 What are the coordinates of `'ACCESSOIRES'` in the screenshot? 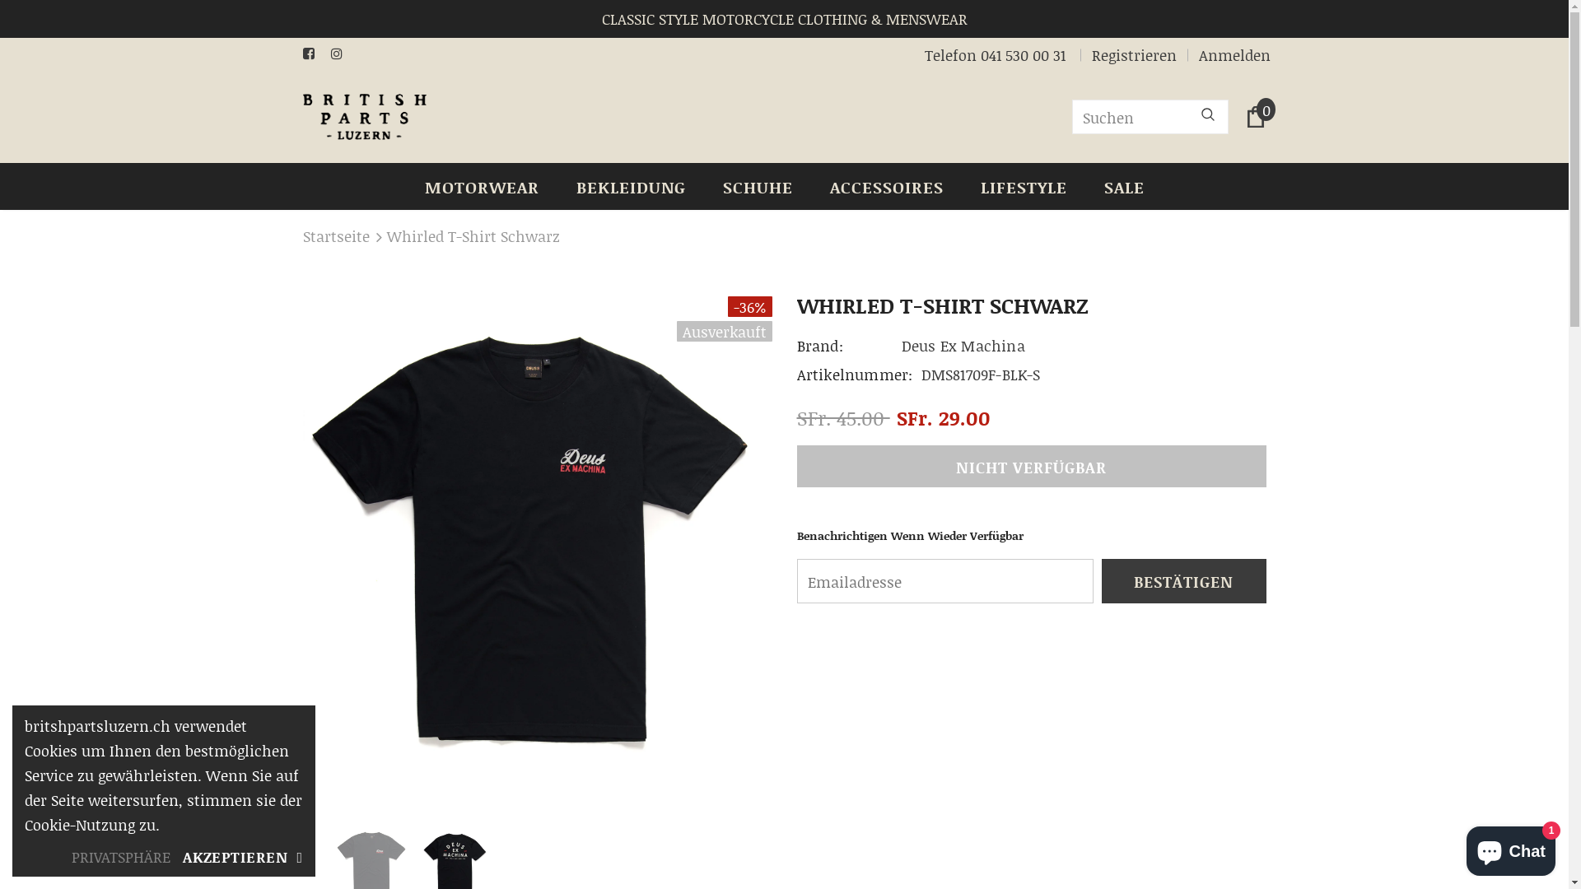 It's located at (885, 185).